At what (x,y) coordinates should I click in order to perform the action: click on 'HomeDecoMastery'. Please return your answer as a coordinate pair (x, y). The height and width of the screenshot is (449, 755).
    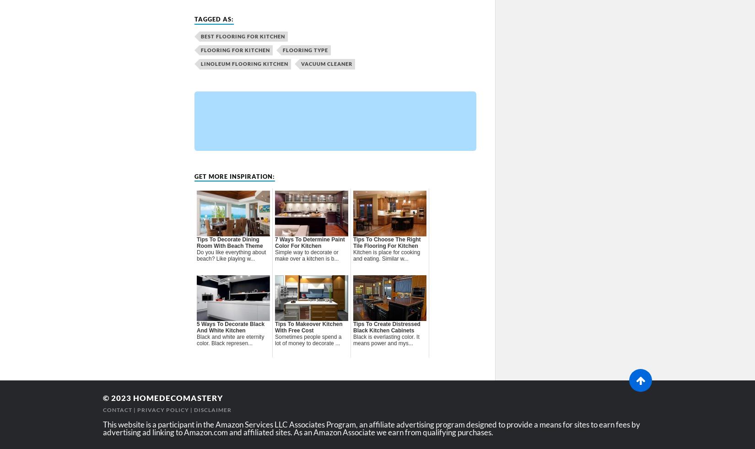
    Looking at the image, I should click on (133, 398).